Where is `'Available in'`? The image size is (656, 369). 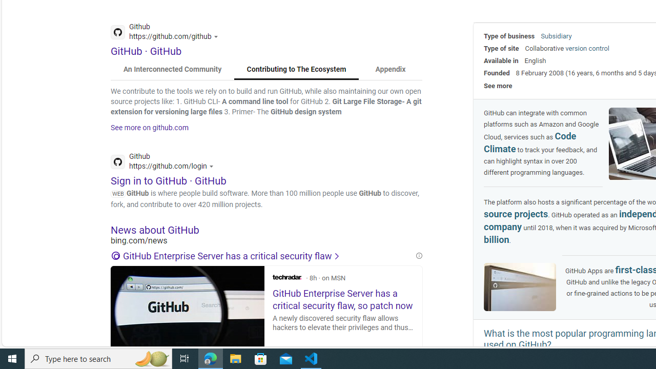 'Available in' is located at coordinates (501, 60).